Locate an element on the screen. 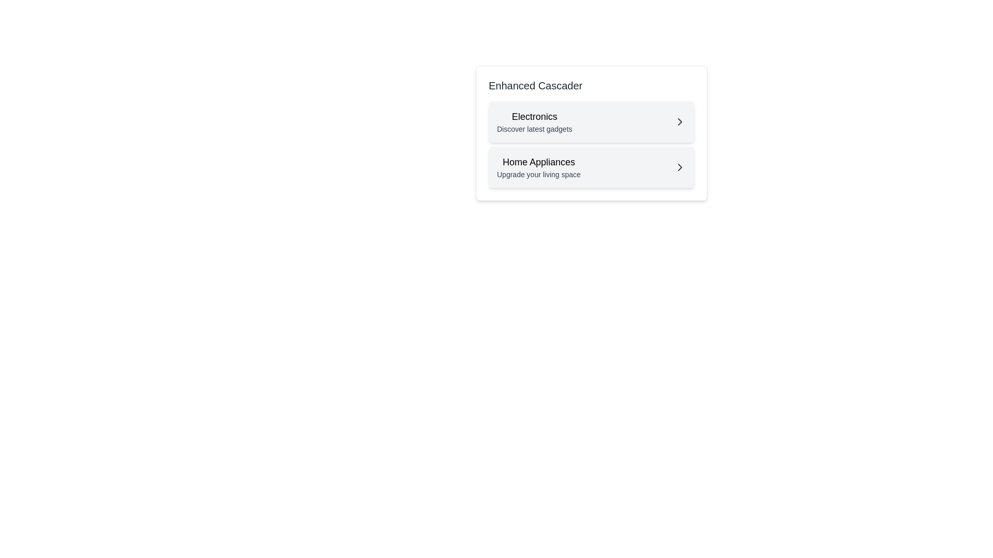  the small, gray text label that displays 'Upgrade your living space', which is located below the 'Home Appliances' text in the cascading menu interface is located at coordinates (538, 174).